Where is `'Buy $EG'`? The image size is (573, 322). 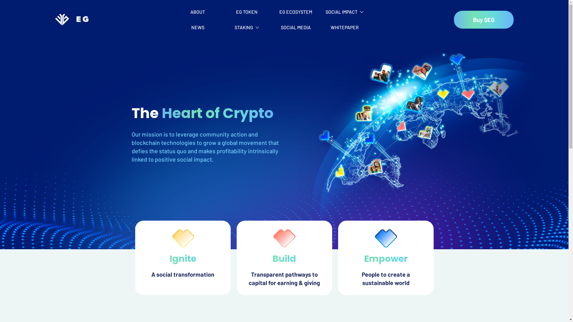
'Buy $EG' is located at coordinates (483, 19).